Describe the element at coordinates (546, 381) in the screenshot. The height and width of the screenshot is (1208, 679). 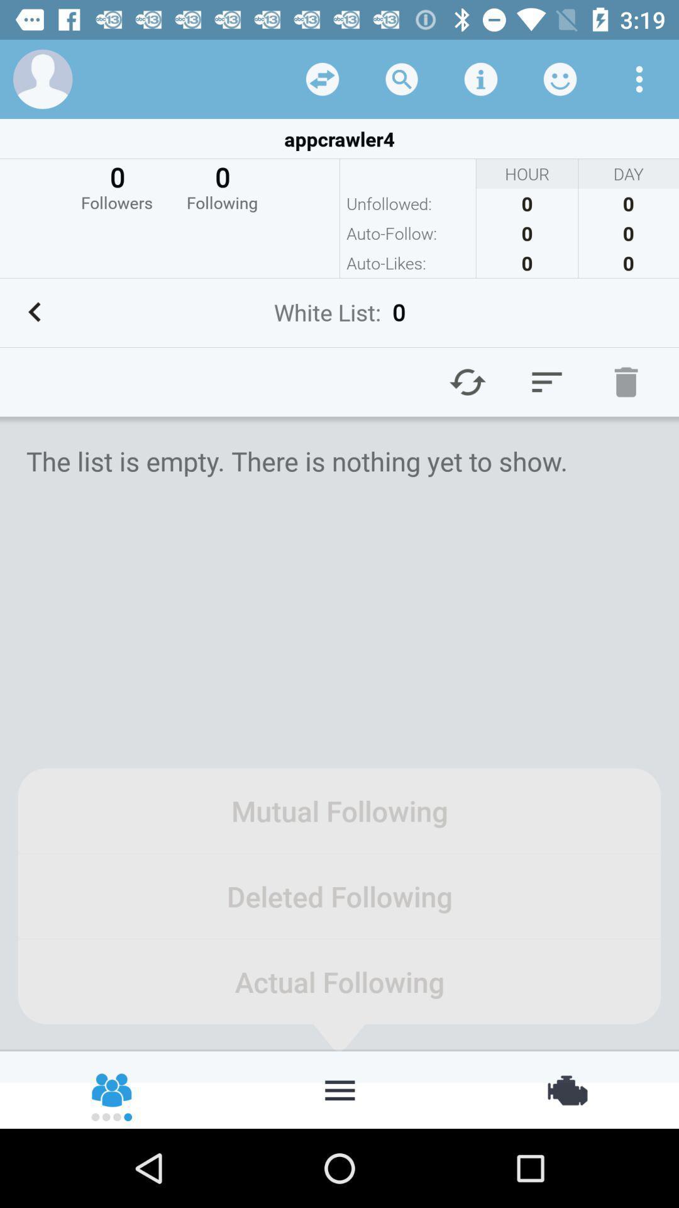
I see `sort list` at that location.